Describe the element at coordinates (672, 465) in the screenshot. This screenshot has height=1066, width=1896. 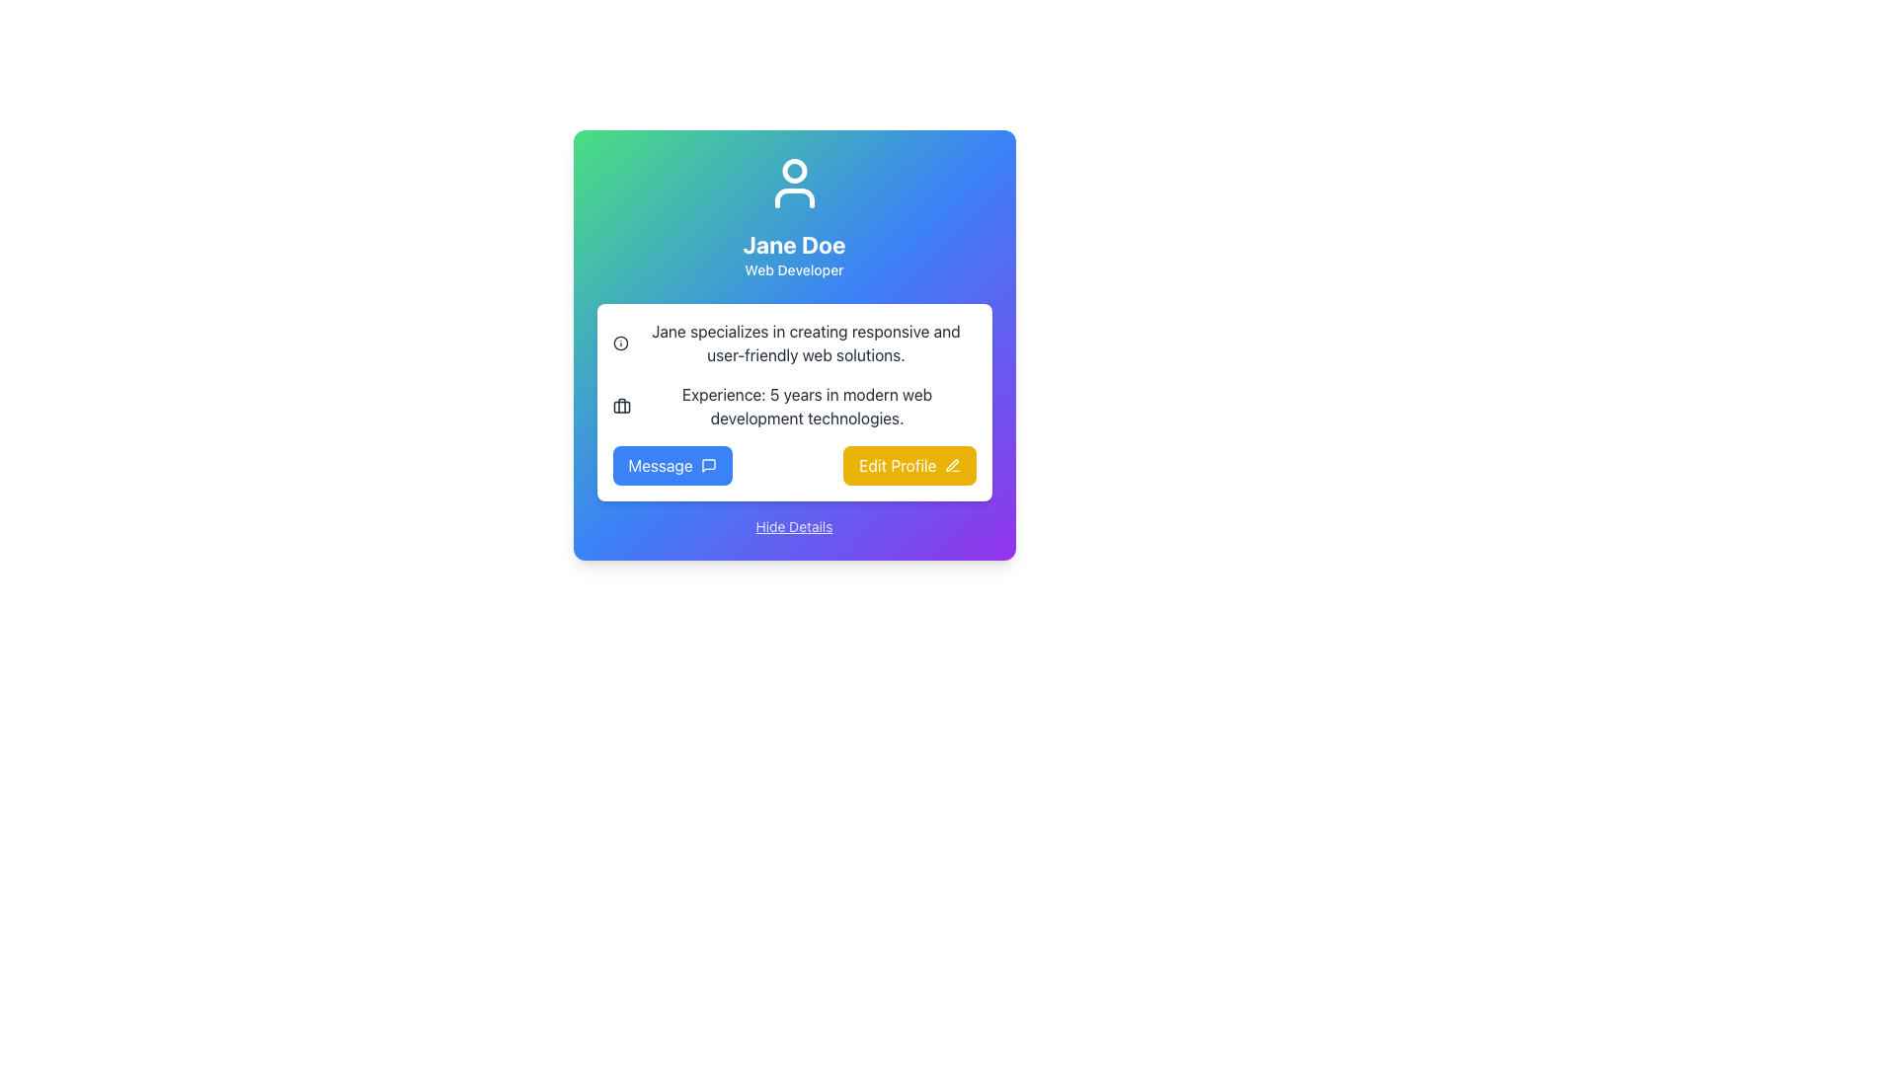
I see `the blue rectangular button labeled 'Message'` at that location.